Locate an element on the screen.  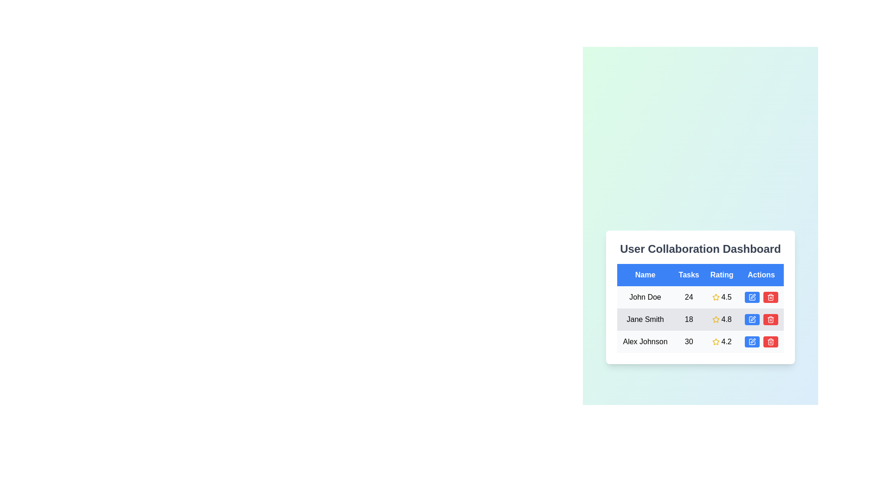
the Rating display for Alex Johnson, which consists of a yellow outlined star icon and the text '4.2' in bold font, located in the third row of the table under the 'Rating' column is located at coordinates (721, 341).